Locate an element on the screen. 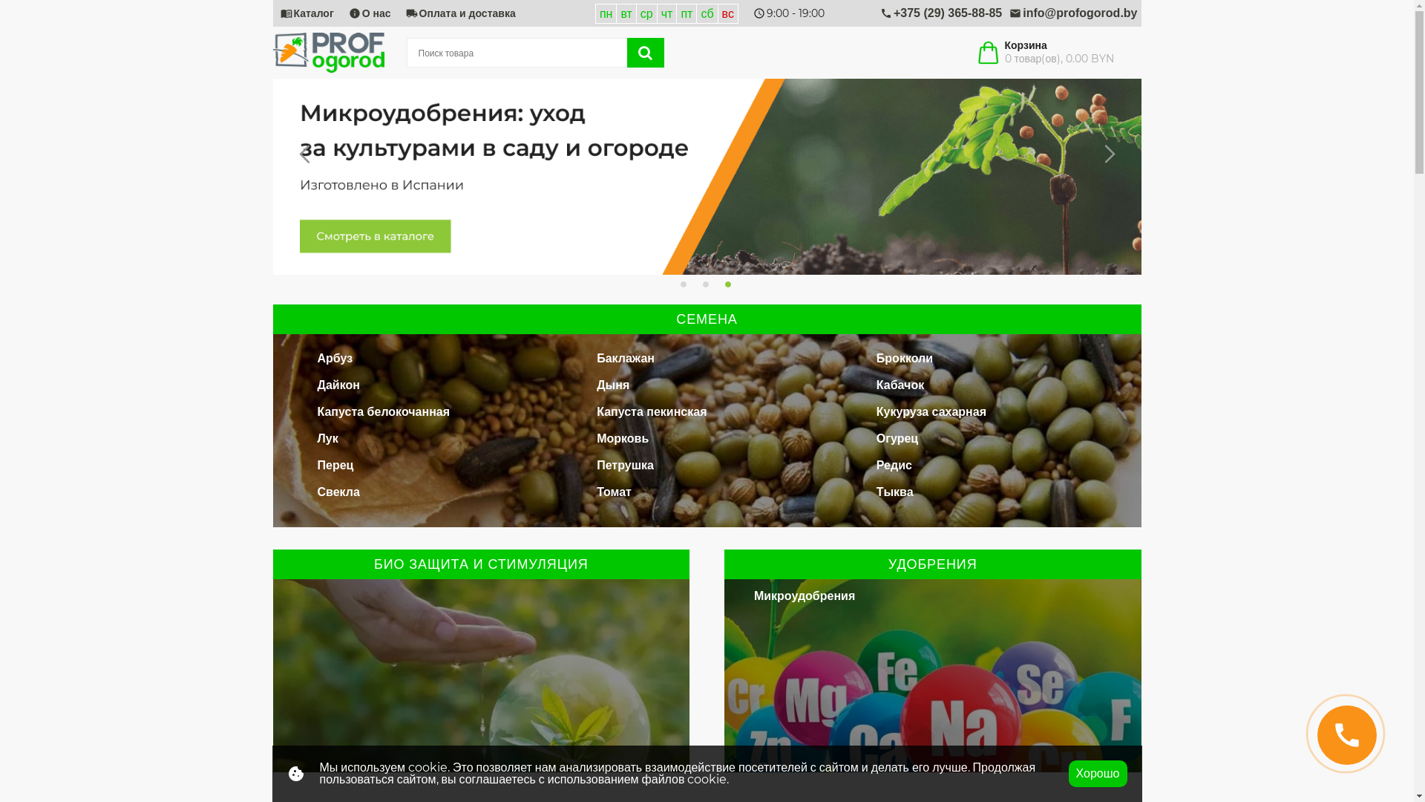  'Next' is located at coordinates (1100, 154).